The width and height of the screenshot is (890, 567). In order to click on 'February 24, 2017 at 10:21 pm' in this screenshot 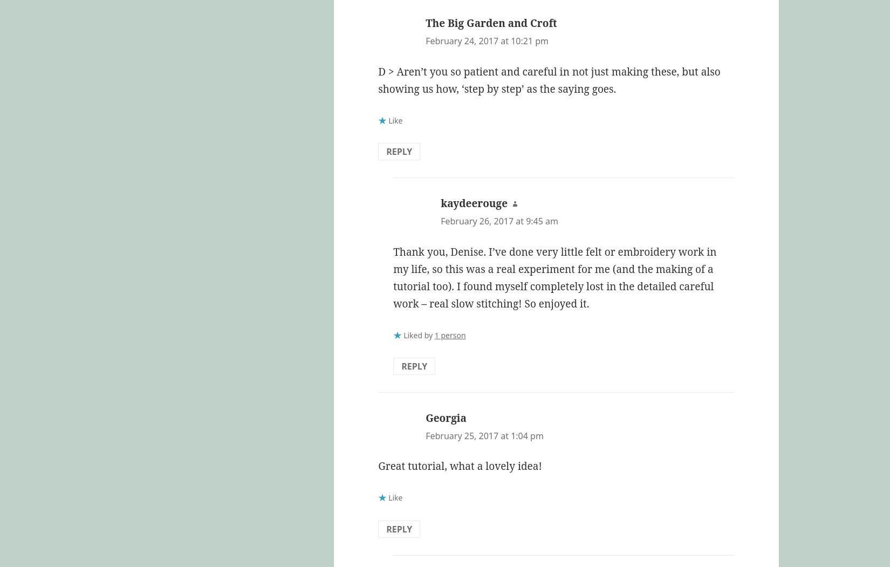, I will do `click(487, 40)`.